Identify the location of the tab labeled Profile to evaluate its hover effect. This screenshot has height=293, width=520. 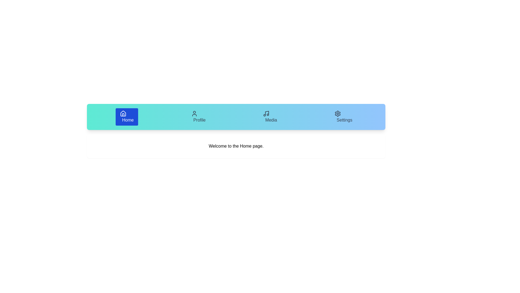
(198, 117).